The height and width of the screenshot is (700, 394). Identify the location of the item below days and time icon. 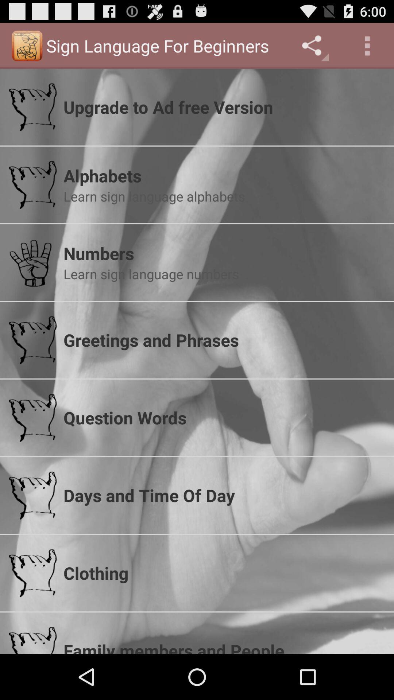
(224, 572).